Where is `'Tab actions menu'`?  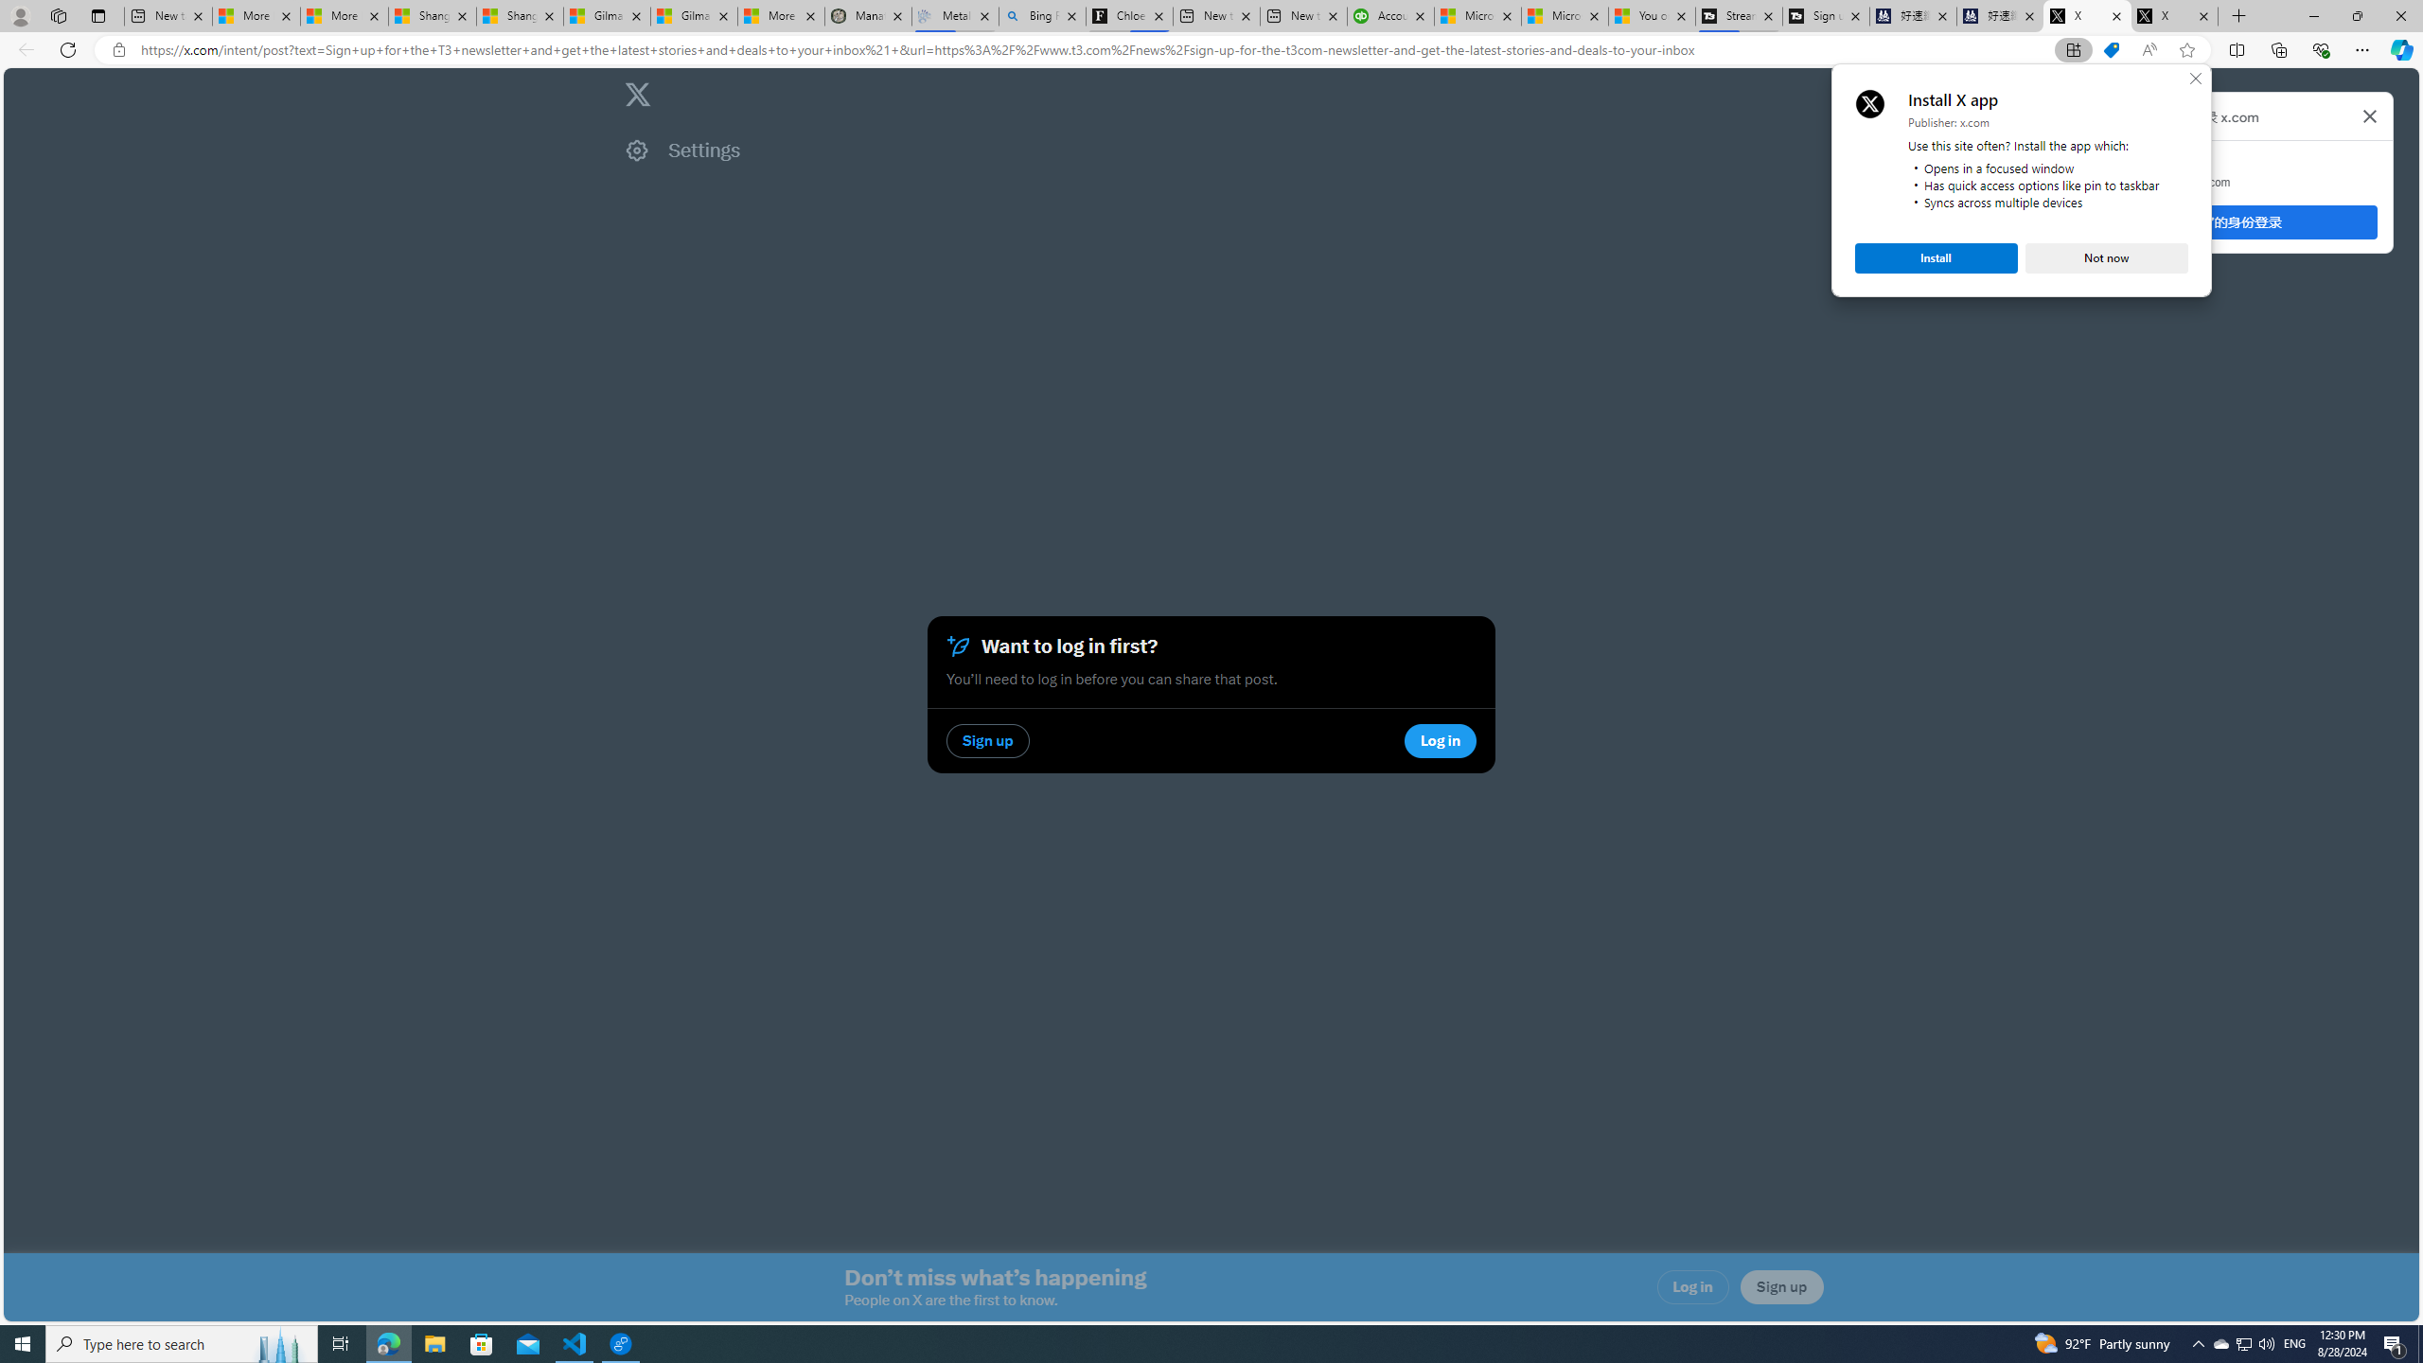
'Tab actions menu' is located at coordinates (97, 15).